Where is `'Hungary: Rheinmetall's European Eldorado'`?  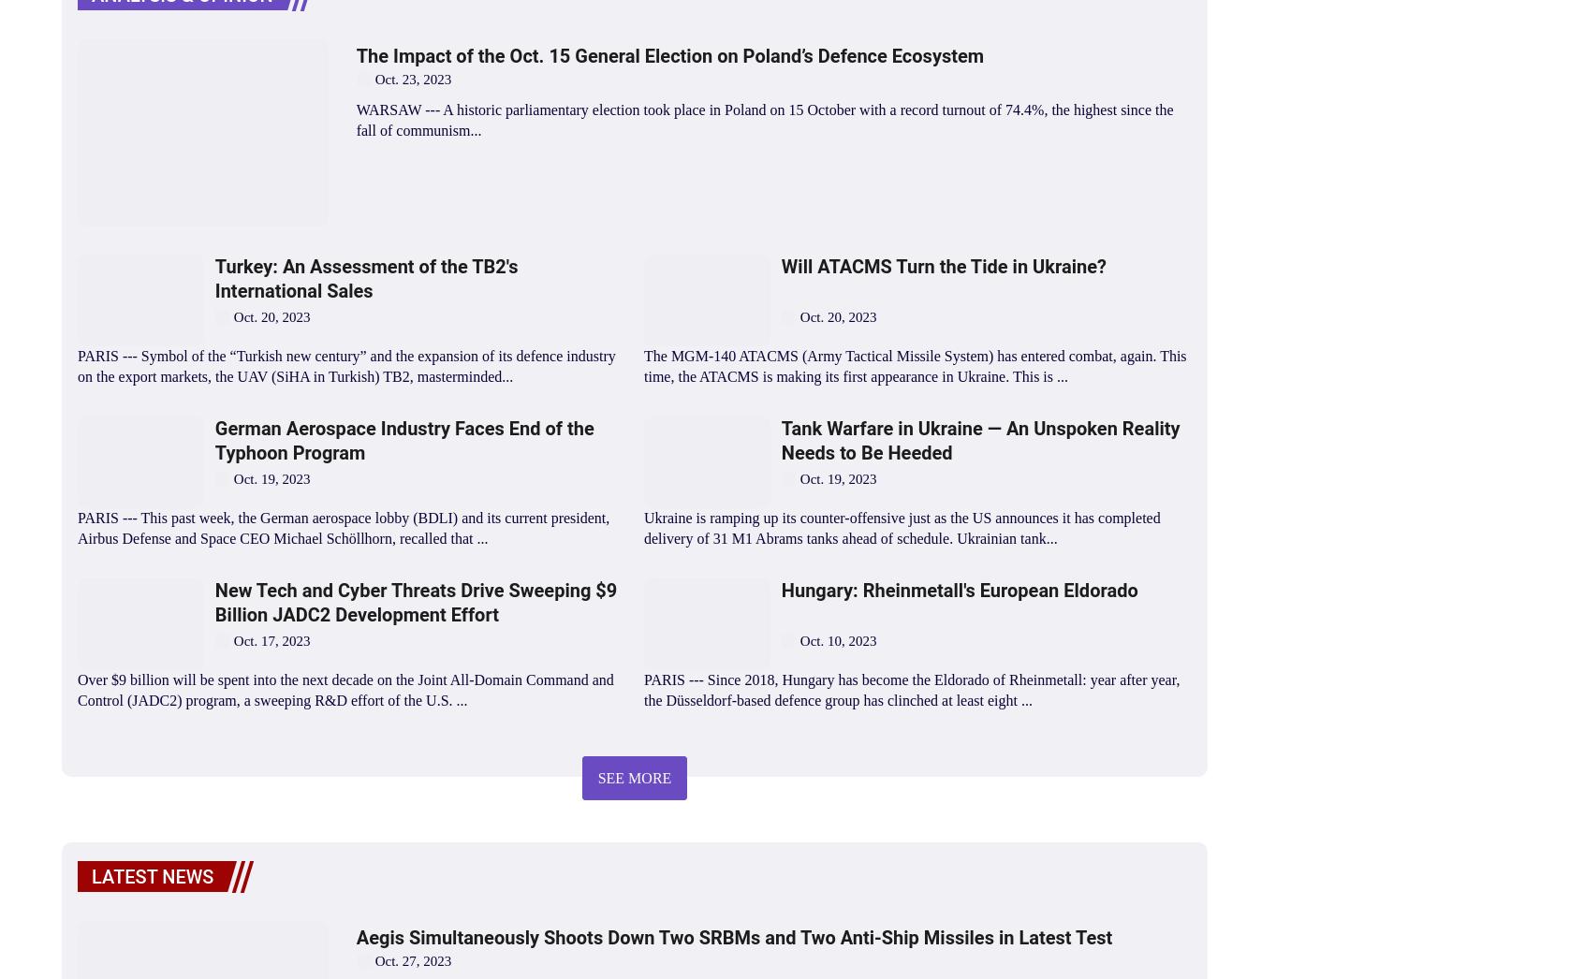
'Hungary: Rheinmetall's European Eldorado' is located at coordinates (958, 589).